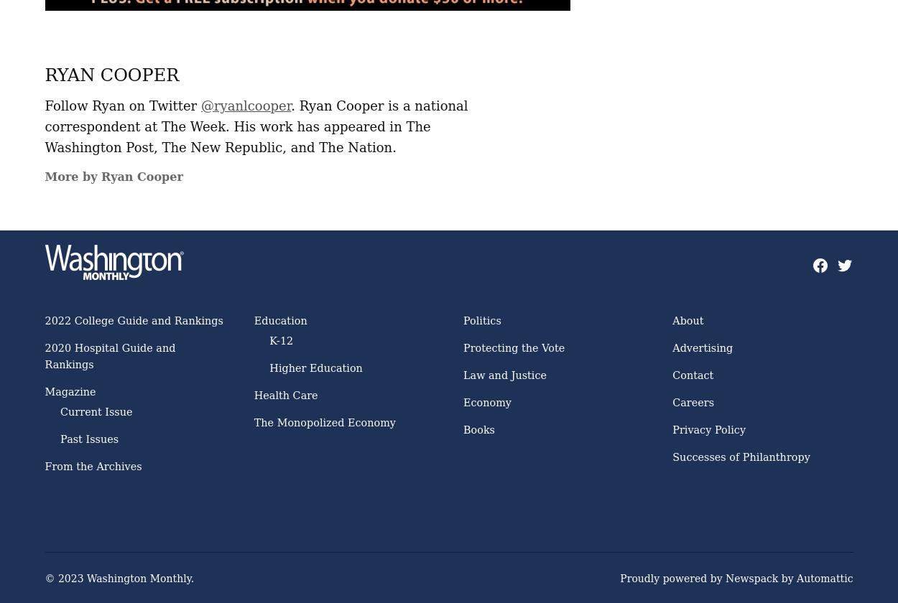 This screenshot has width=898, height=603. What do you see at coordinates (280, 320) in the screenshot?
I see `'Education'` at bounding box center [280, 320].